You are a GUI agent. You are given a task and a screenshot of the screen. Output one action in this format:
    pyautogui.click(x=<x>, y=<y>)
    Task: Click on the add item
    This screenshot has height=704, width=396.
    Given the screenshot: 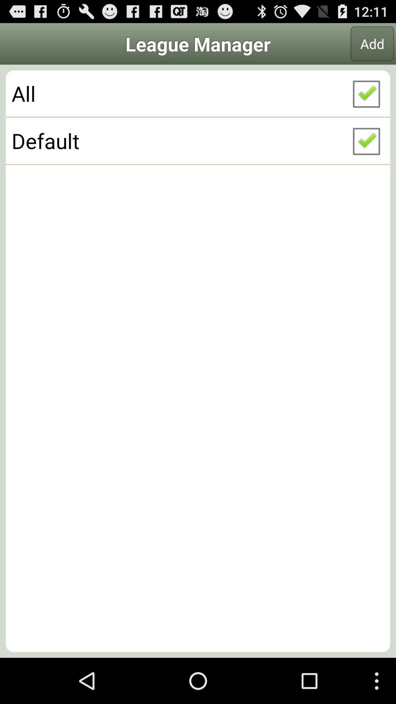 What is the action you would take?
    pyautogui.click(x=372, y=43)
    